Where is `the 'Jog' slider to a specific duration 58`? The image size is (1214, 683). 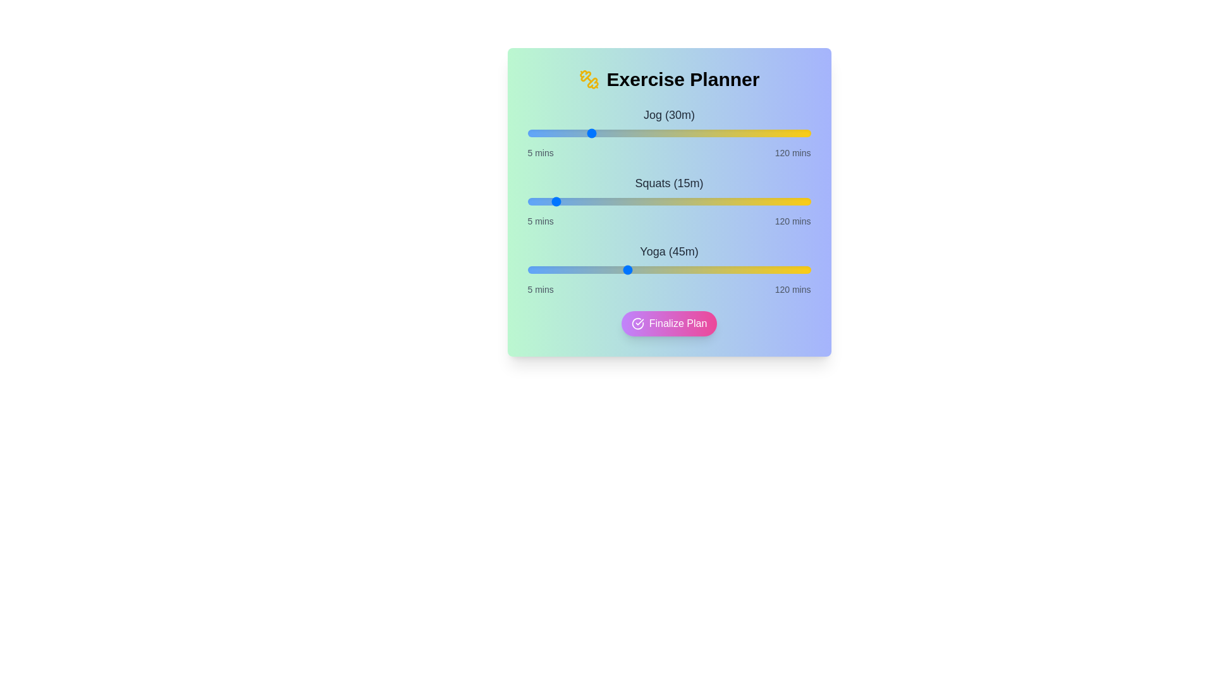 the 'Jog' slider to a specific duration 58 is located at coordinates (658, 133).